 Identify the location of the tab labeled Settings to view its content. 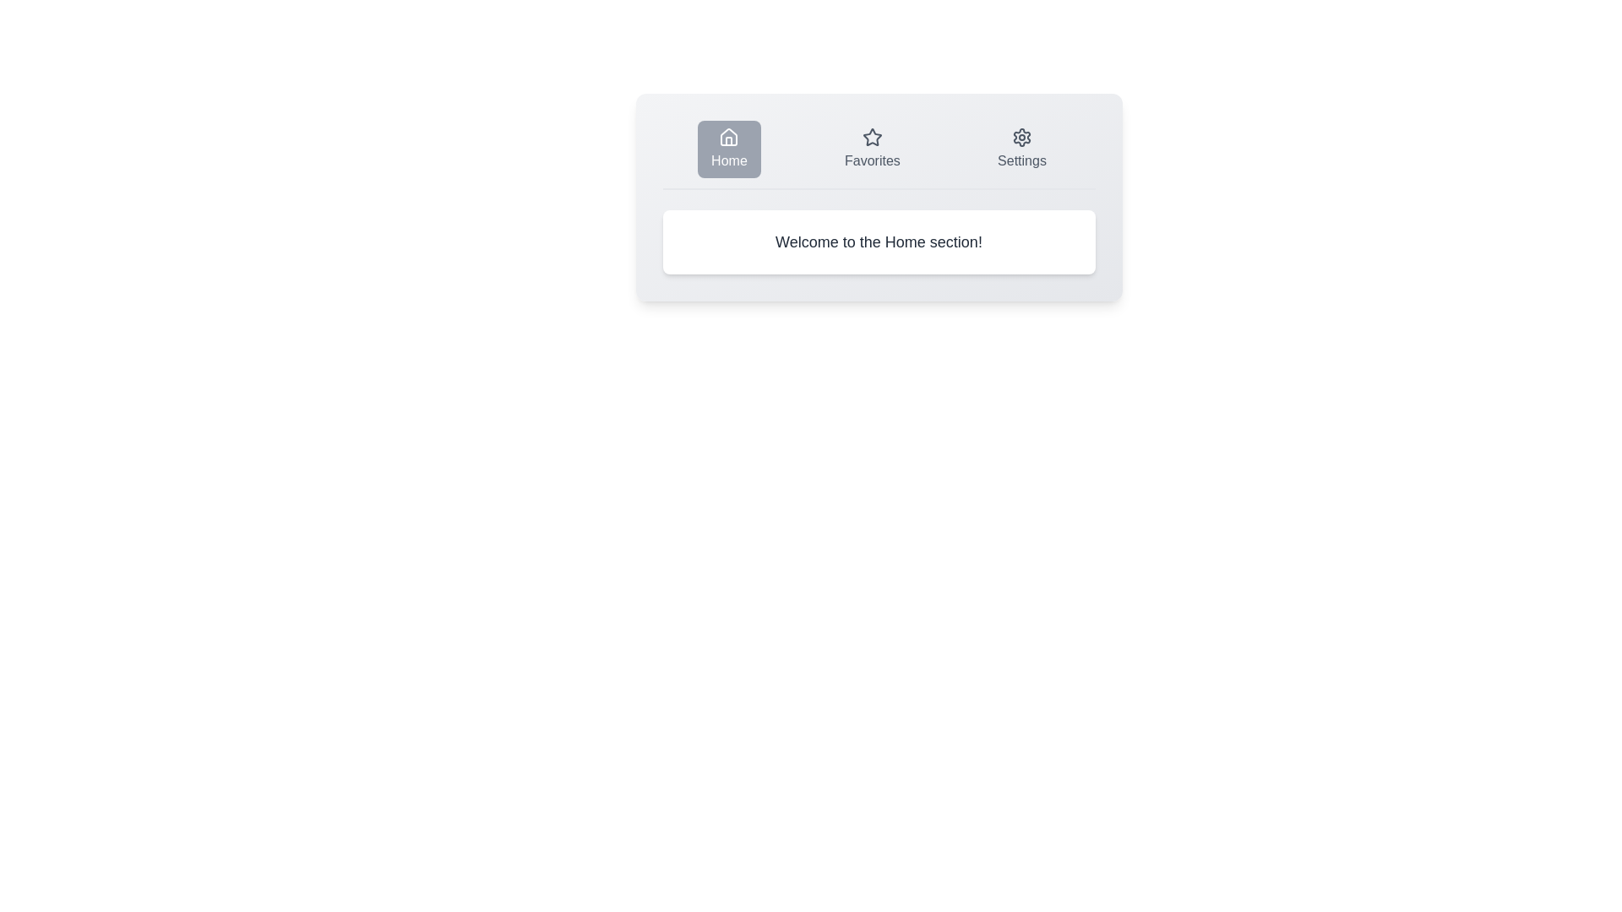
(1021, 149).